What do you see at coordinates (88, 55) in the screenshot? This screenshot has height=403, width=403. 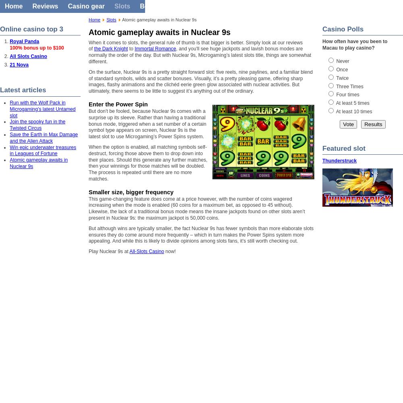 I see `', and you'll see huge jackpots and lavish bonus modes are normally the order of the day. But with Nuclear 9s, Microgaming’s latest slots title, things are somewhat different.'` at bounding box center [88, 55].